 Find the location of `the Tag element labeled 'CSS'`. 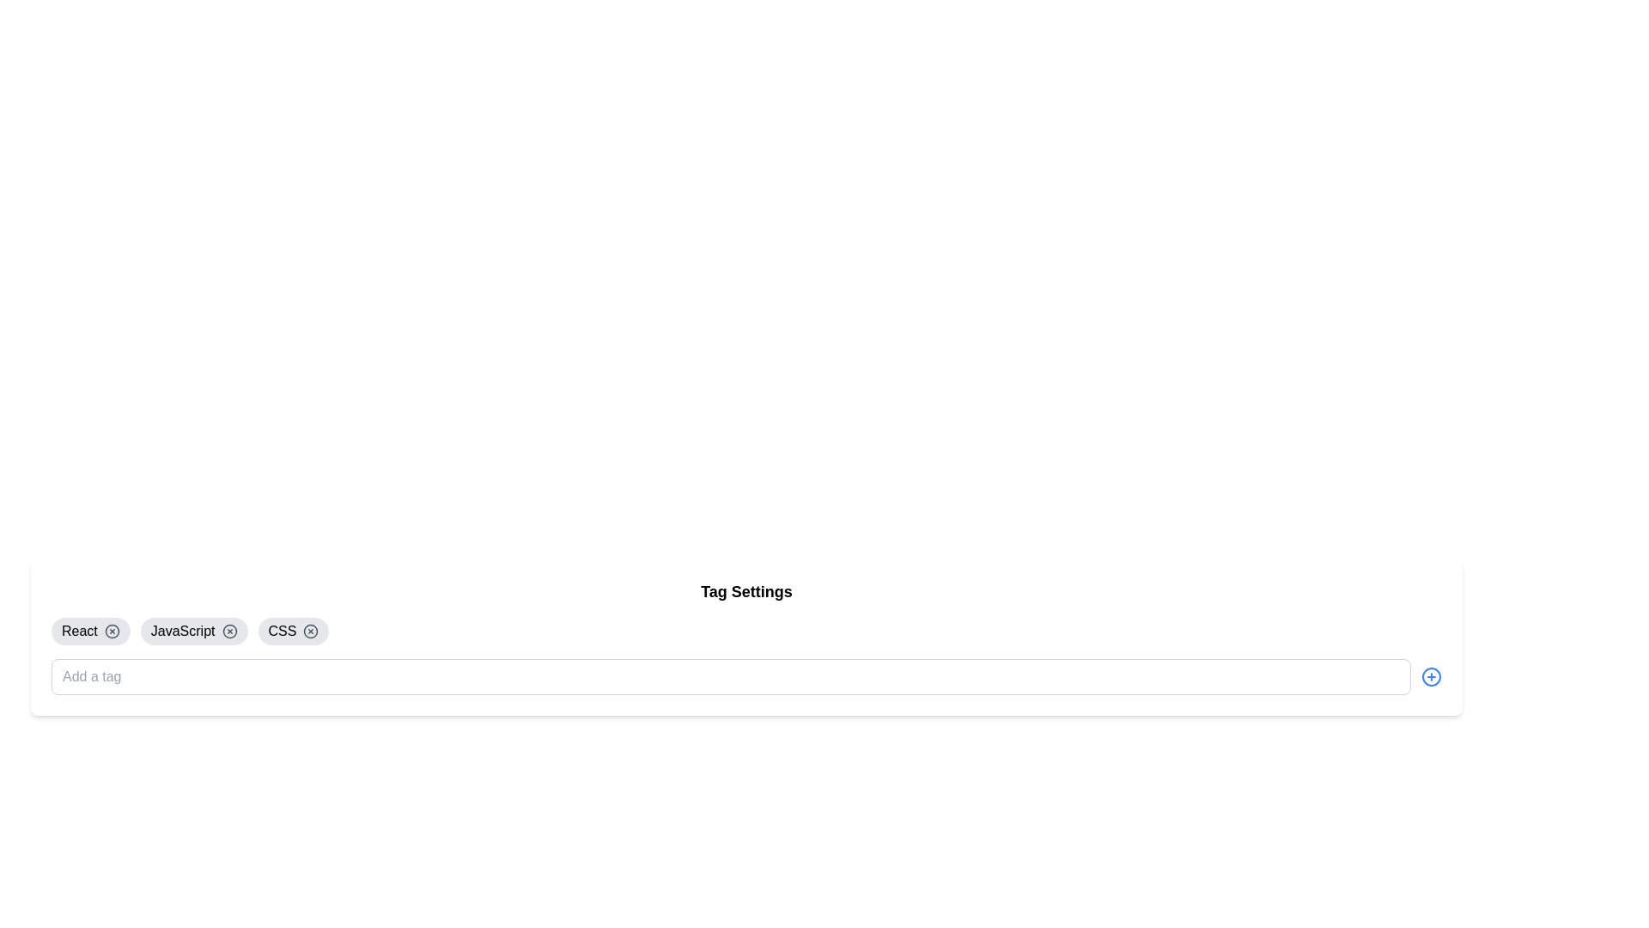

the Tag element labeled 'CSS' is located at coordinates (293, 632).